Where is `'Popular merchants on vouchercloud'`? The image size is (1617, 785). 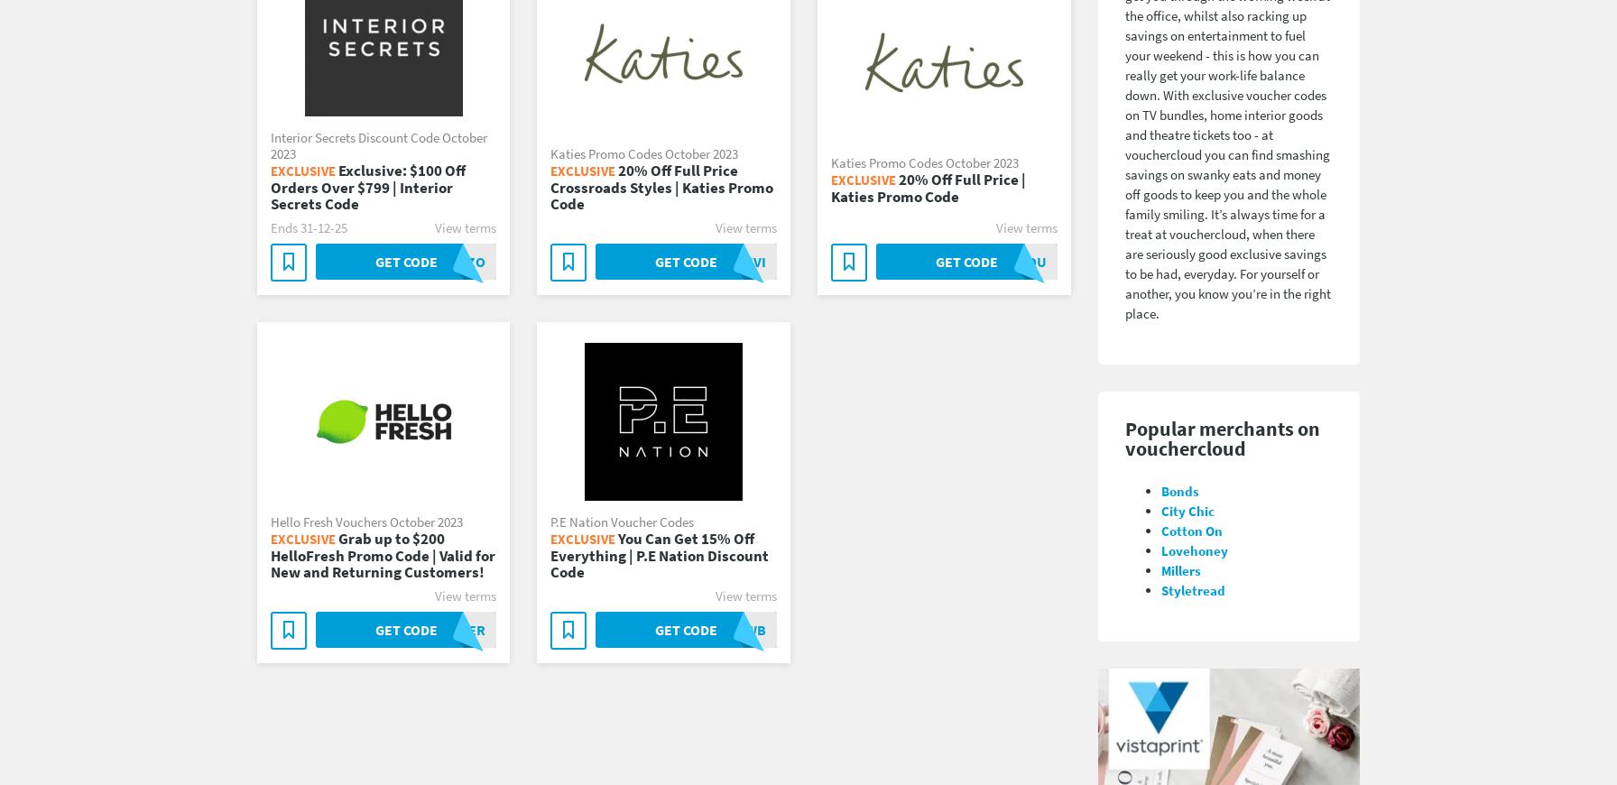
'Popular merchants on vouchercloud' is located at coordinates (1222, 437).